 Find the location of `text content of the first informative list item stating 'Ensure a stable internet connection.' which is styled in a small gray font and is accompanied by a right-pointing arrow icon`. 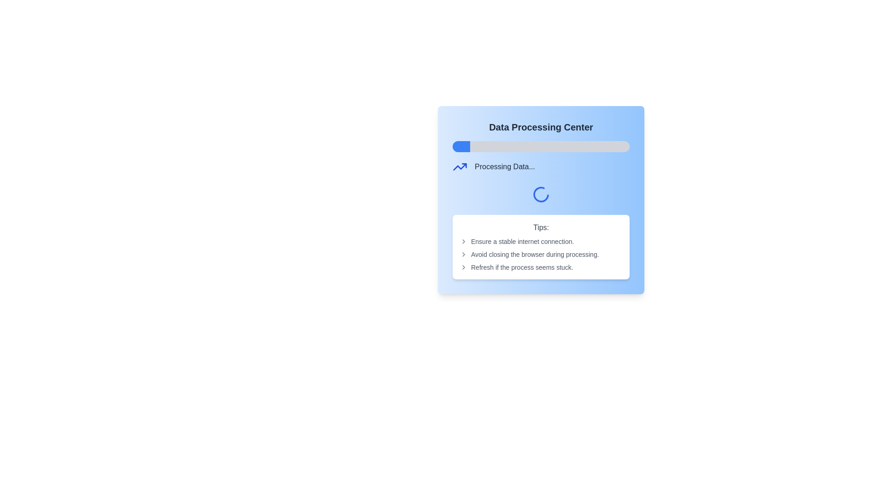

text content of the first informative list item stating 'Ensure a stable internet connection.' which is styled in a small gray font and is accompanied by a right-pointing arrow icon is located at coordinates (541, 241).